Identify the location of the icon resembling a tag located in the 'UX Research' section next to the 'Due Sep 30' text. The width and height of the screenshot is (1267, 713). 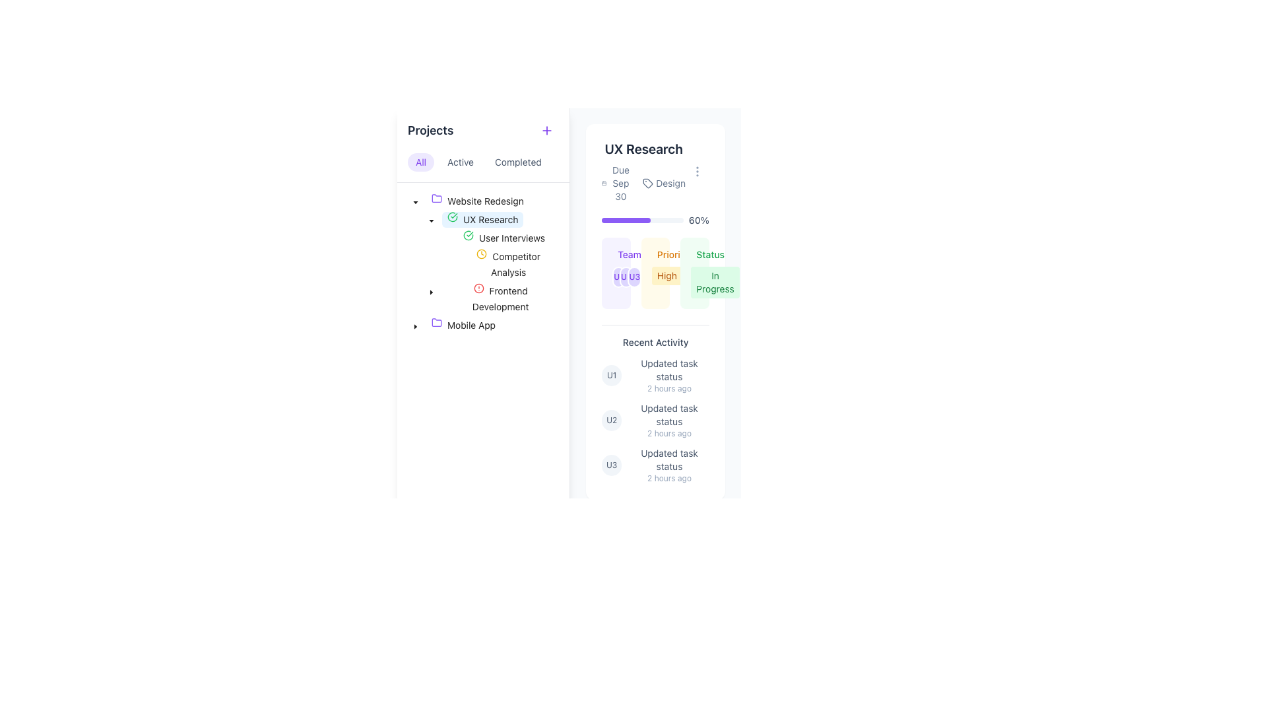
(648, 183).